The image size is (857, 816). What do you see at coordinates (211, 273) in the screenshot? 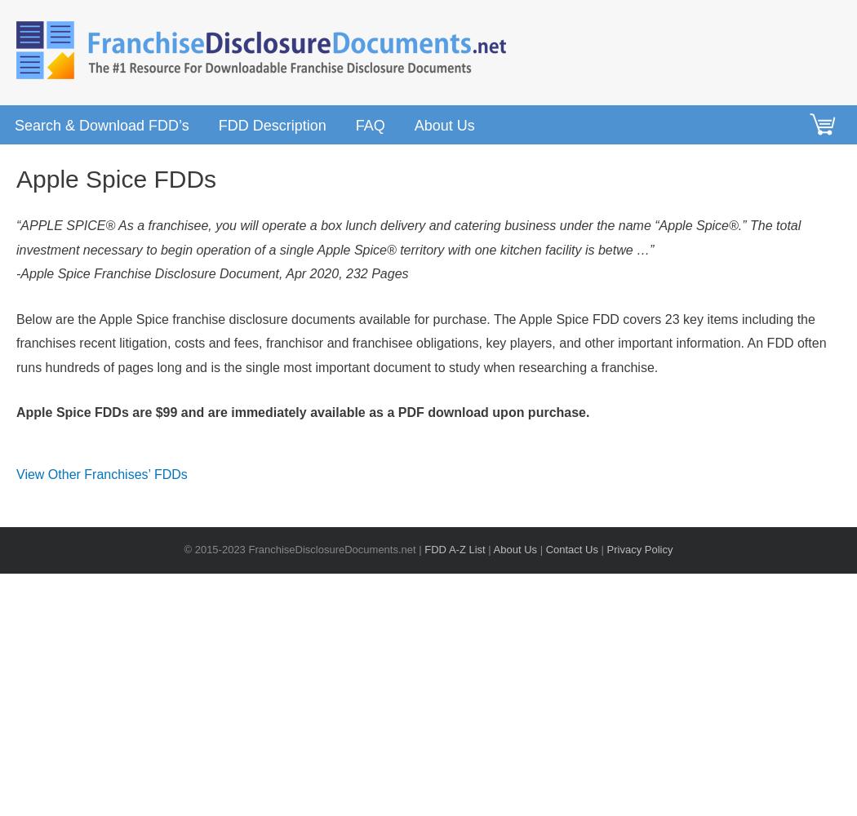
I see `'-Apple Spice Franchise Disclosure Document, Apr 2020,  232 Pages'` at bounding box center [211, 273].